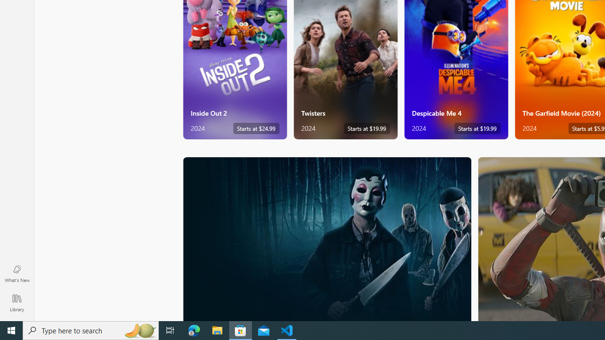 The image size is (605, 340). I want to click on 'What', so click(17, 273).